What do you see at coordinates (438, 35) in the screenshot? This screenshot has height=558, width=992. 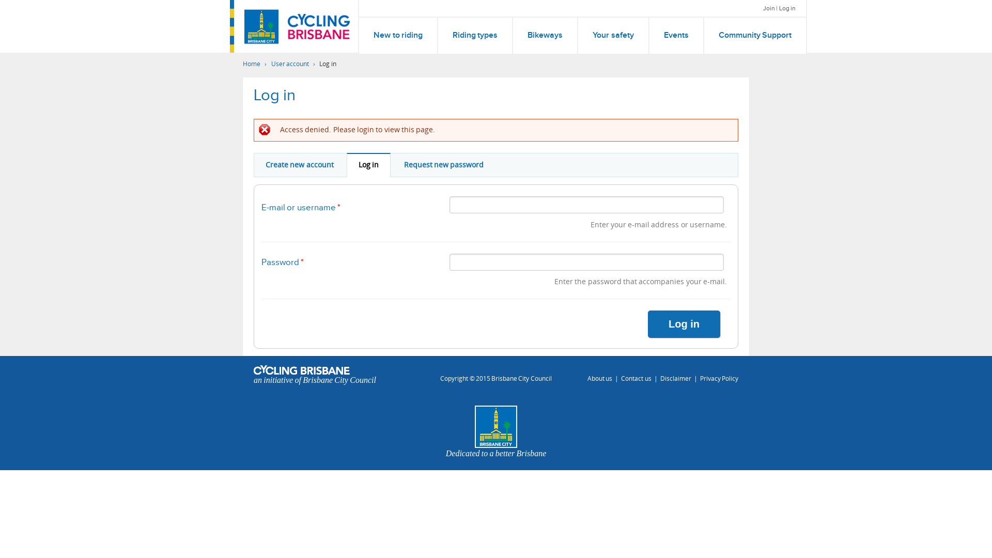 I see `'Riding types'` at bounding box center [438, 35].